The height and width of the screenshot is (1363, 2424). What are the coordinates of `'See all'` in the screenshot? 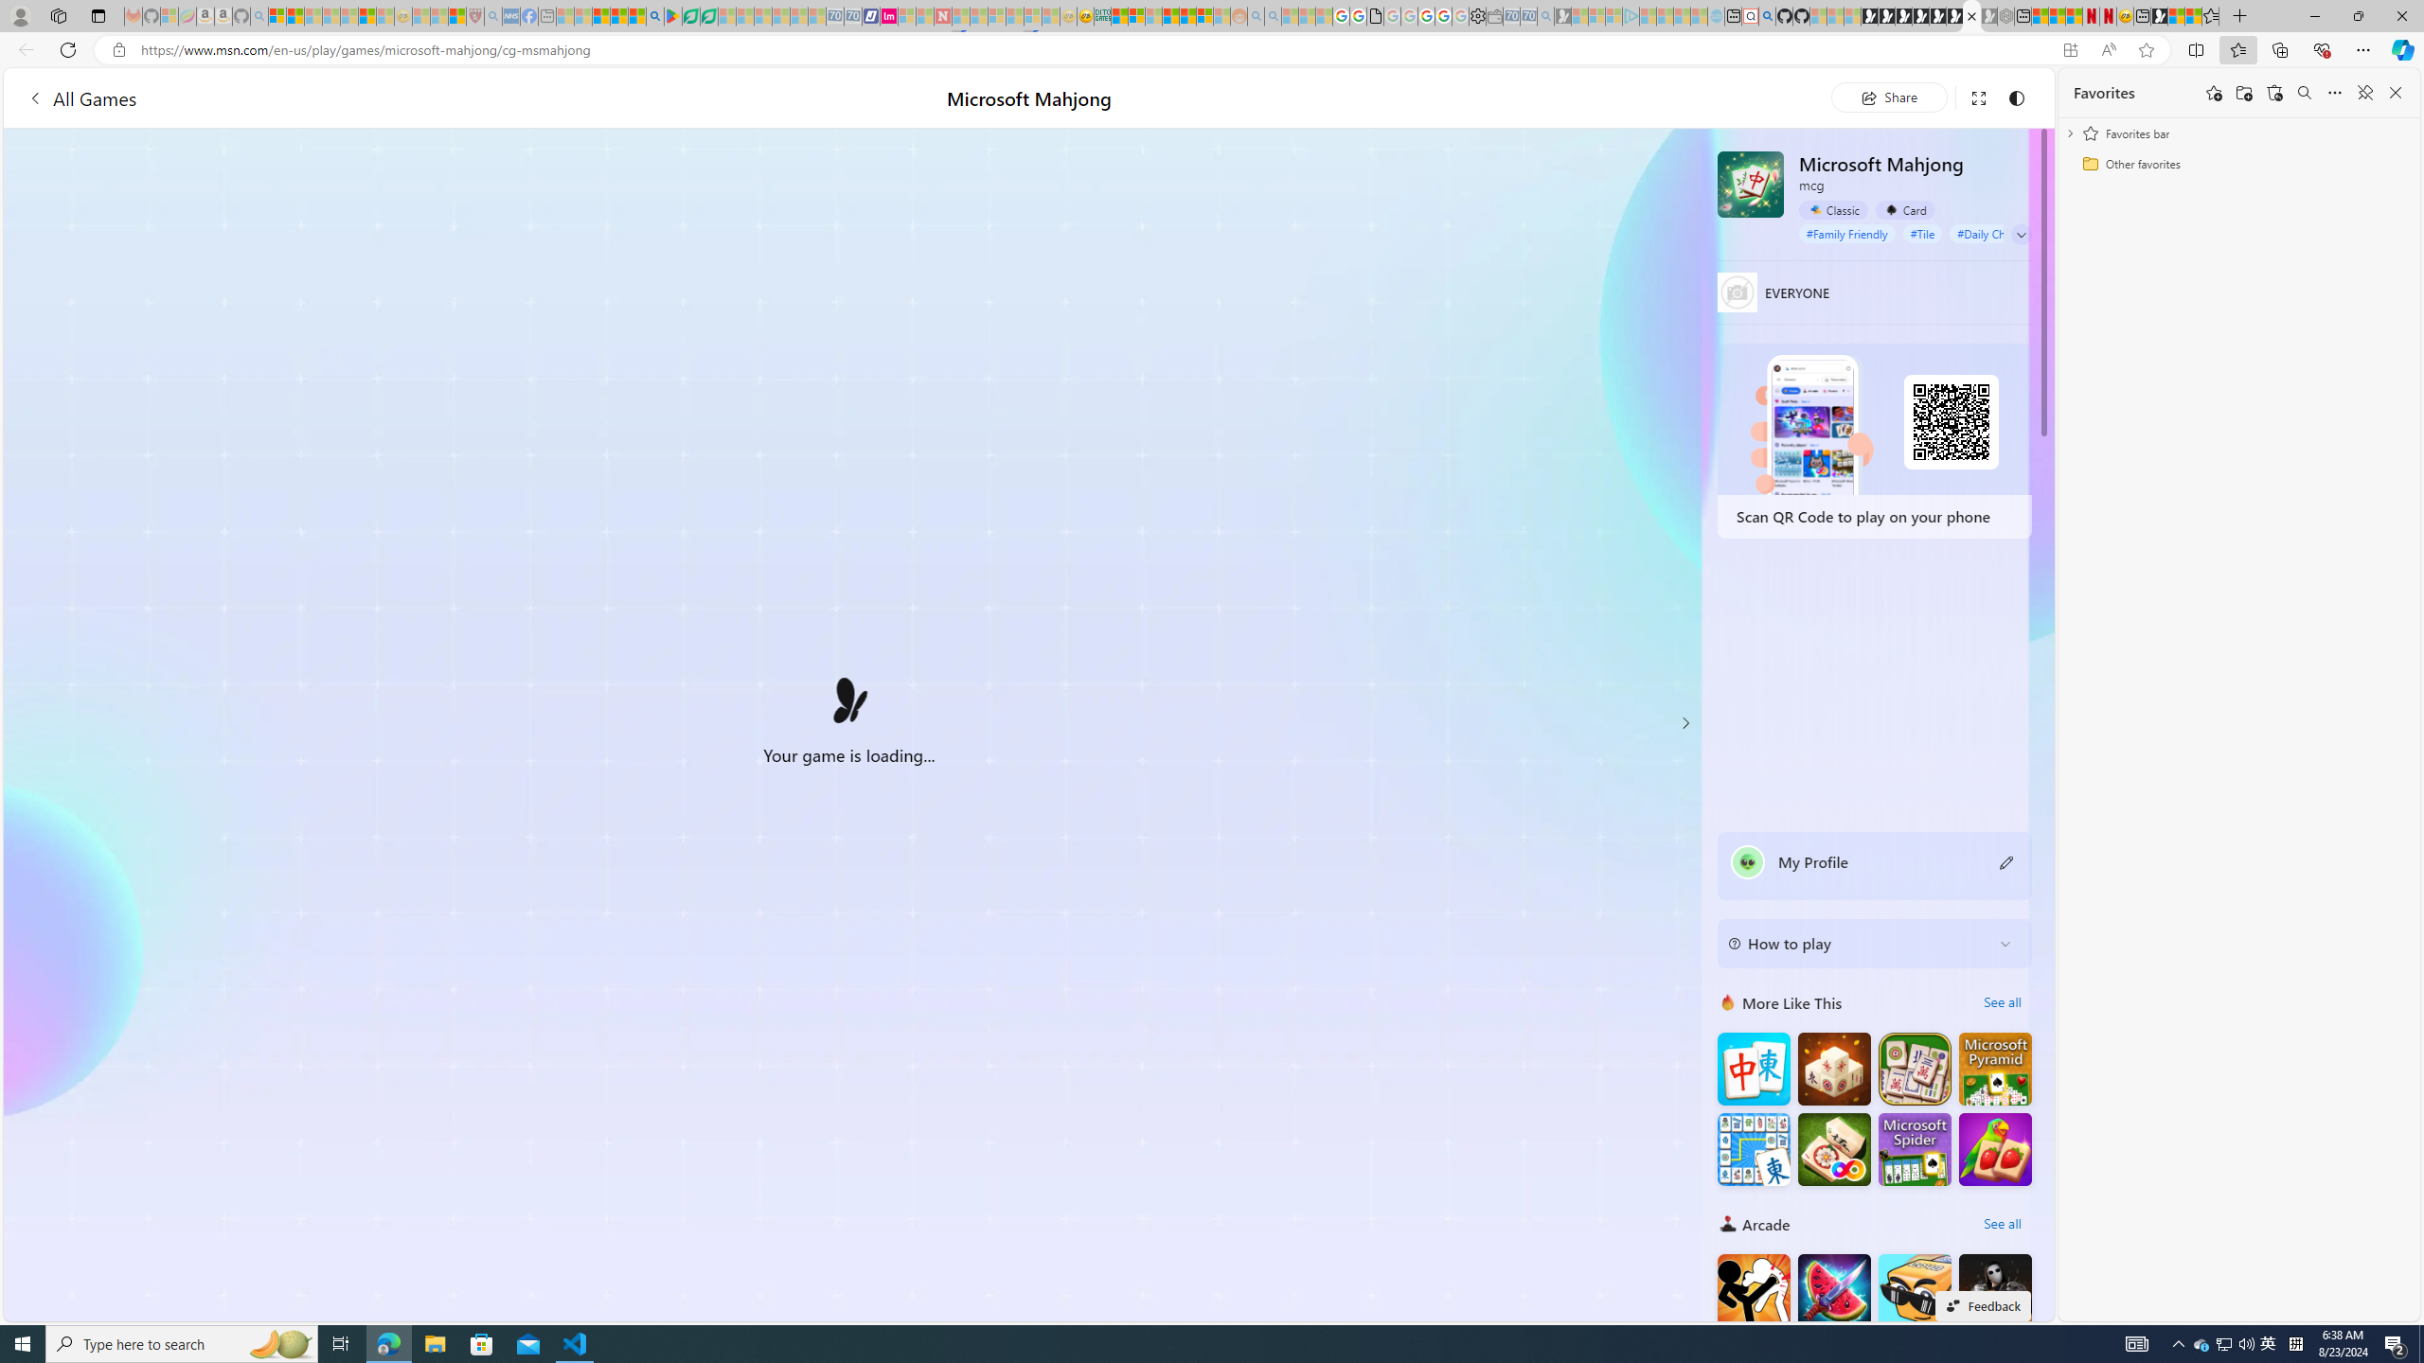 It's located at (2001, 1223).